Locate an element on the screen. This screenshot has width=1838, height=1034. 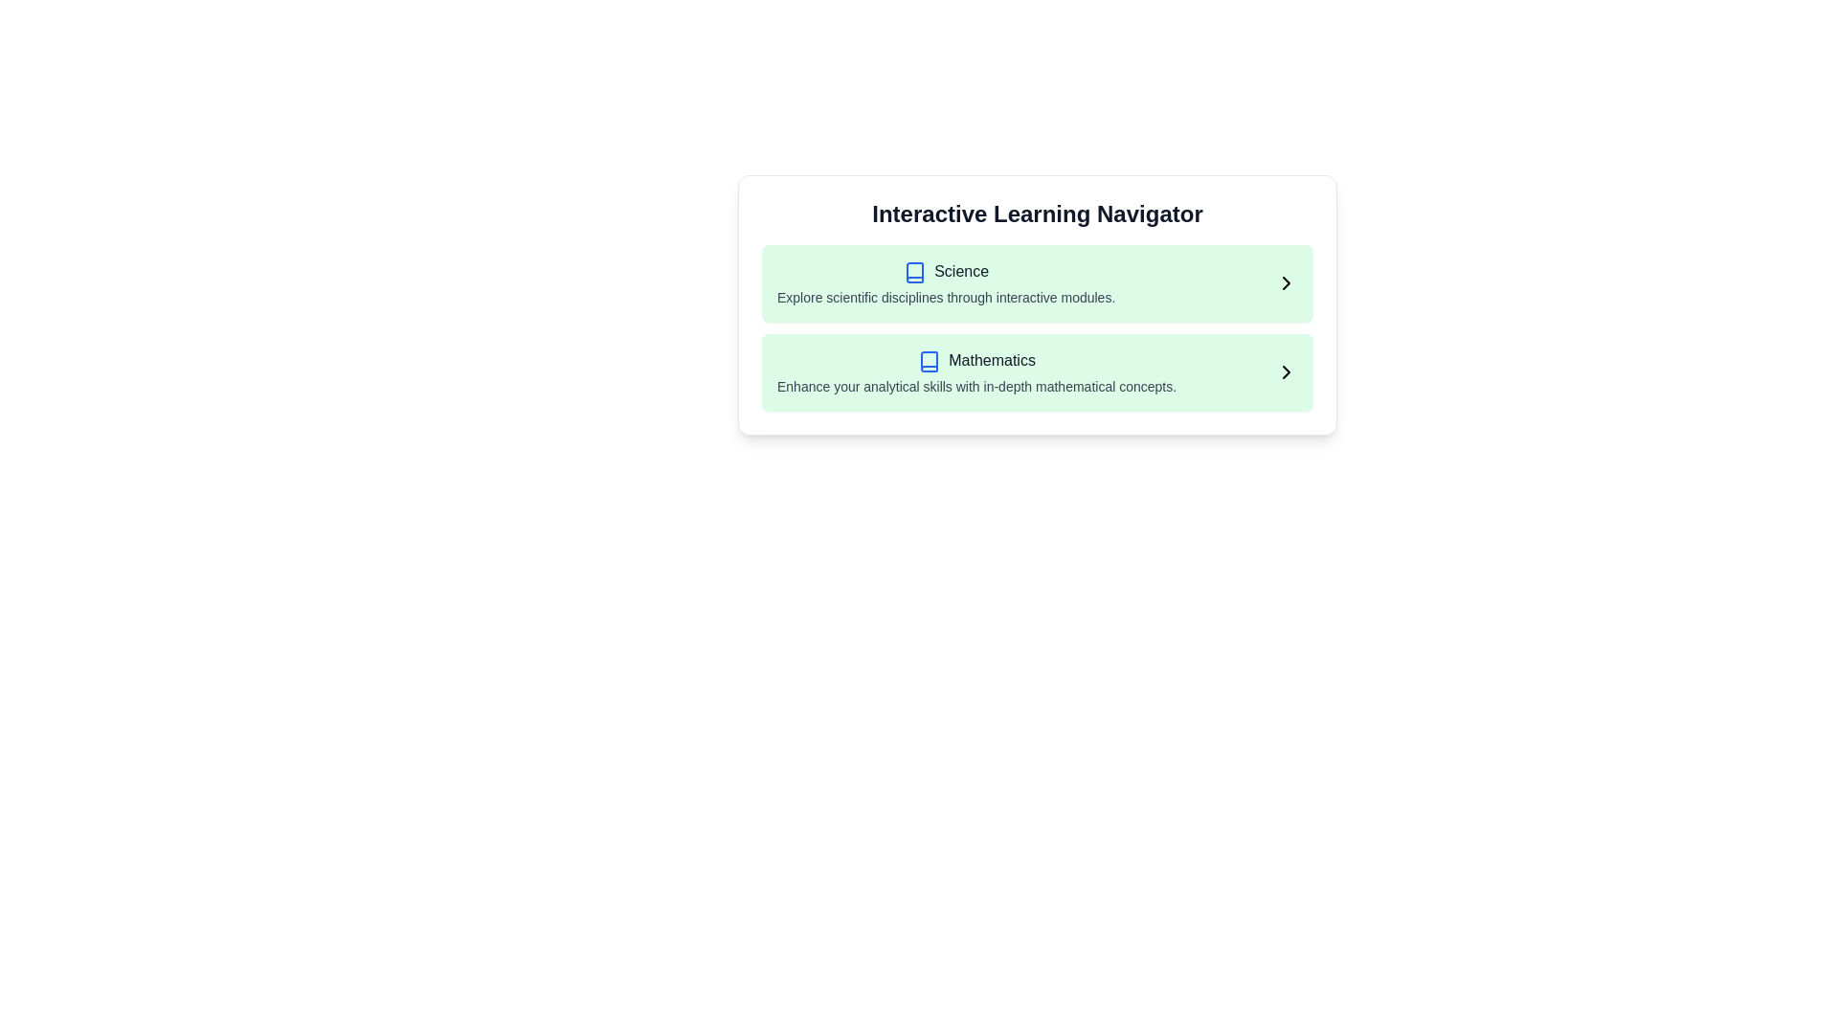
the Text label indicating the mathematics section, which is positioned below the 'Science' title and is part of a highlighted green section is located at coordinates (992, 360).